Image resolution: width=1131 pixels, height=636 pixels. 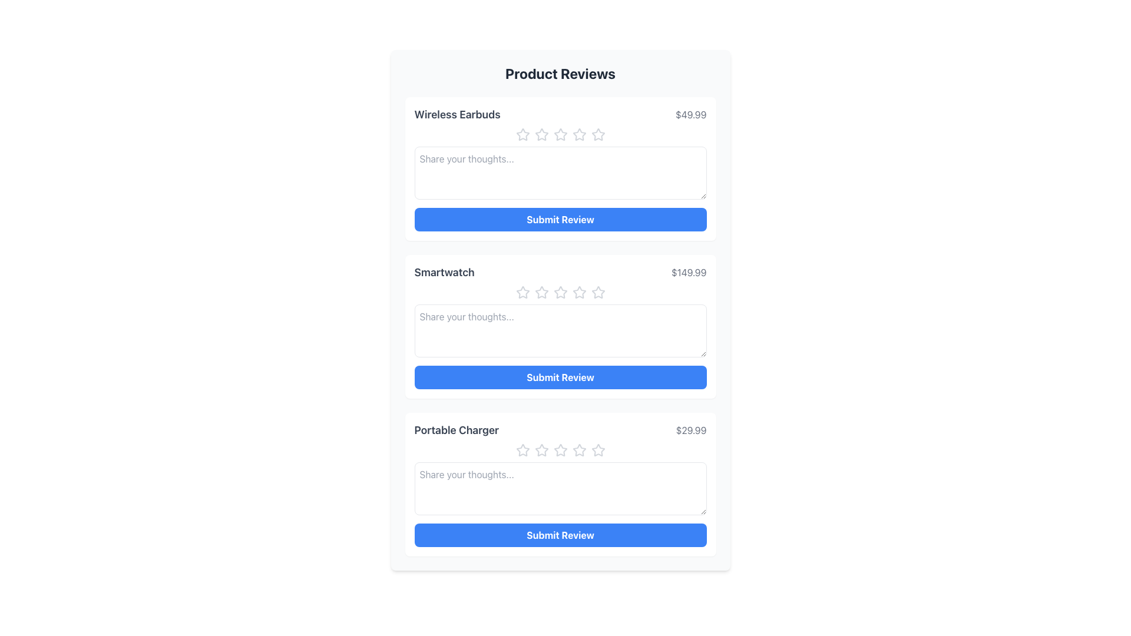 I want to click on the third star in the row of five stars to rate the 'Portable Charger' product with three stars, so click(x=560, y=450).